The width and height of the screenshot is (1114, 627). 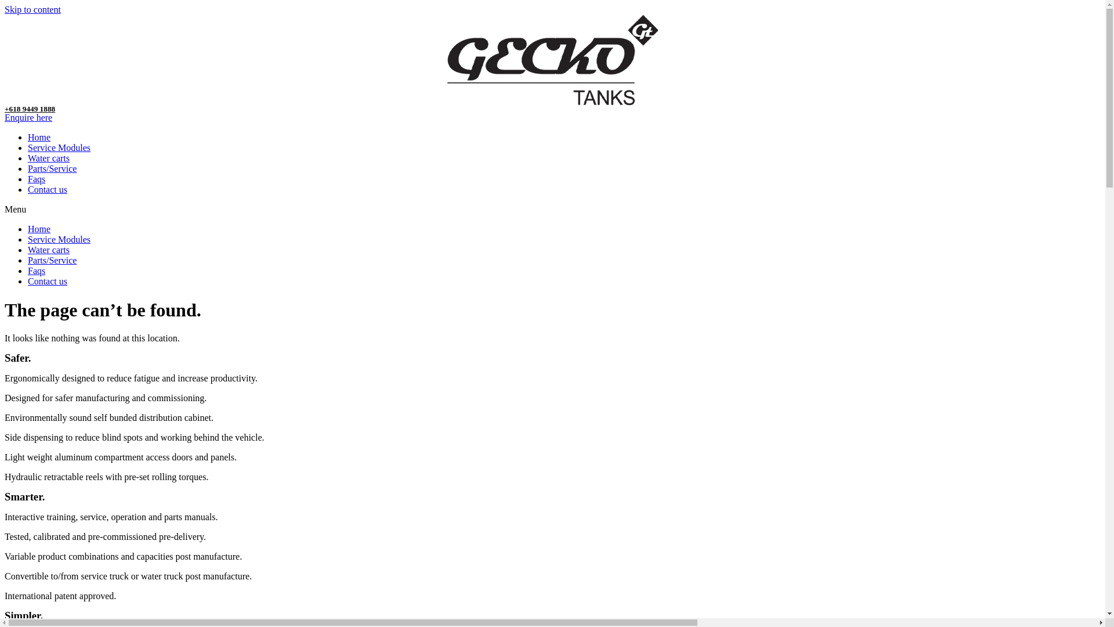 I want to click on 'Faqs', so click(x=28, y=271).